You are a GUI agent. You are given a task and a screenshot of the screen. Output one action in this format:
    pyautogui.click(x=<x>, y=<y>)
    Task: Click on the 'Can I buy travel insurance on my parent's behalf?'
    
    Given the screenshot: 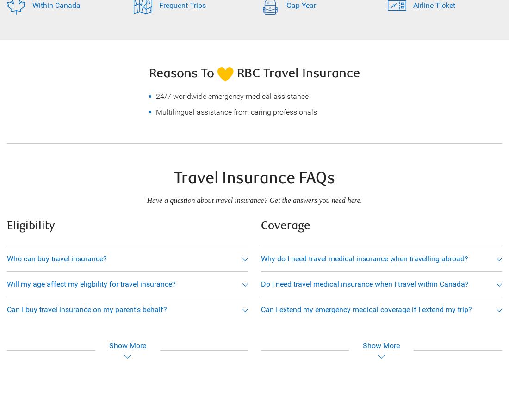 What is the action you would take?
    pyautogui.click(x=6, y=309)
    